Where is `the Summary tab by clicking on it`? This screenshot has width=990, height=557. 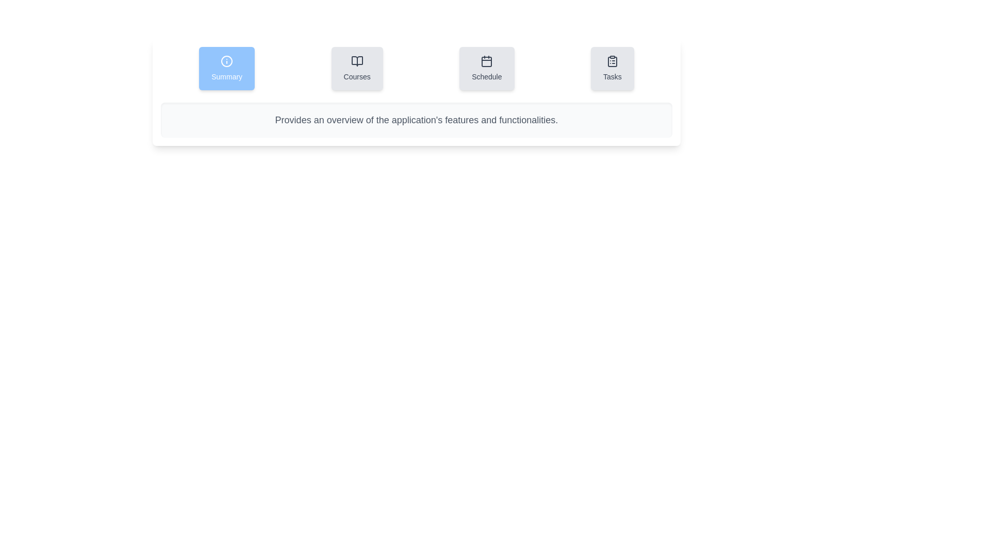 the Summary tab by clicking on it is located at coordinates (226, 68).